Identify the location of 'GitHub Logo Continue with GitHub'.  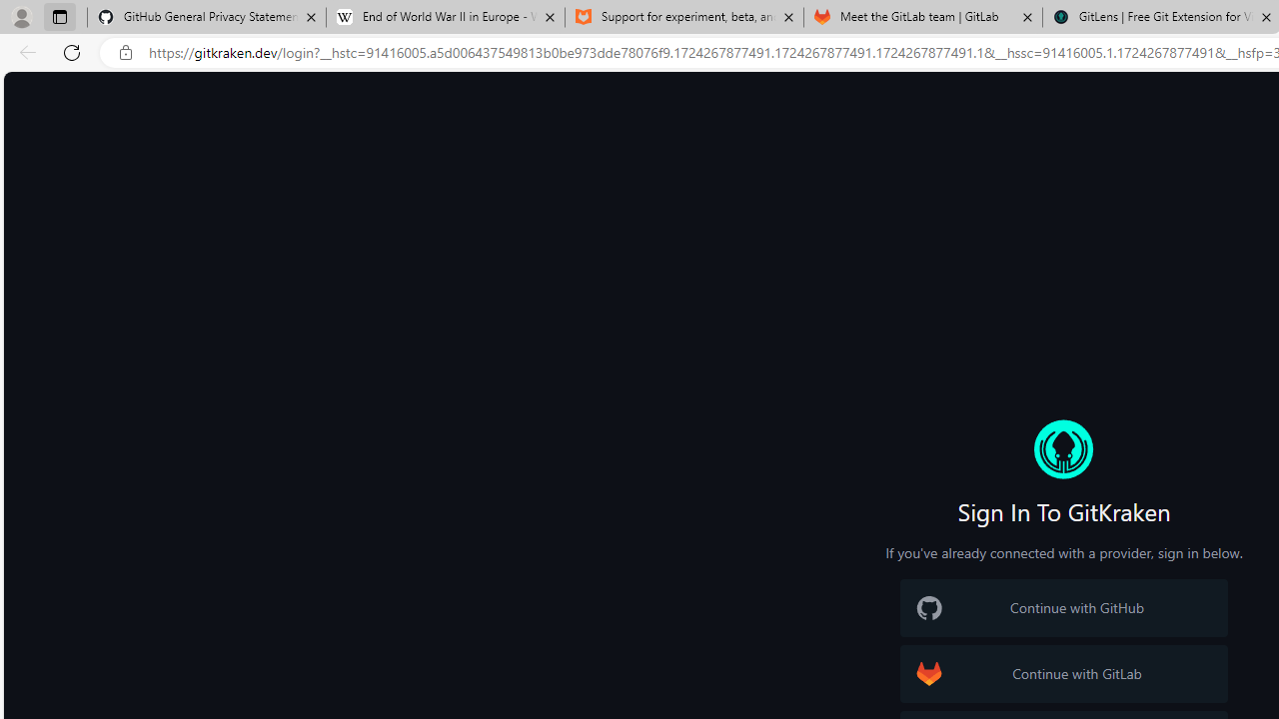
(1062, 607).